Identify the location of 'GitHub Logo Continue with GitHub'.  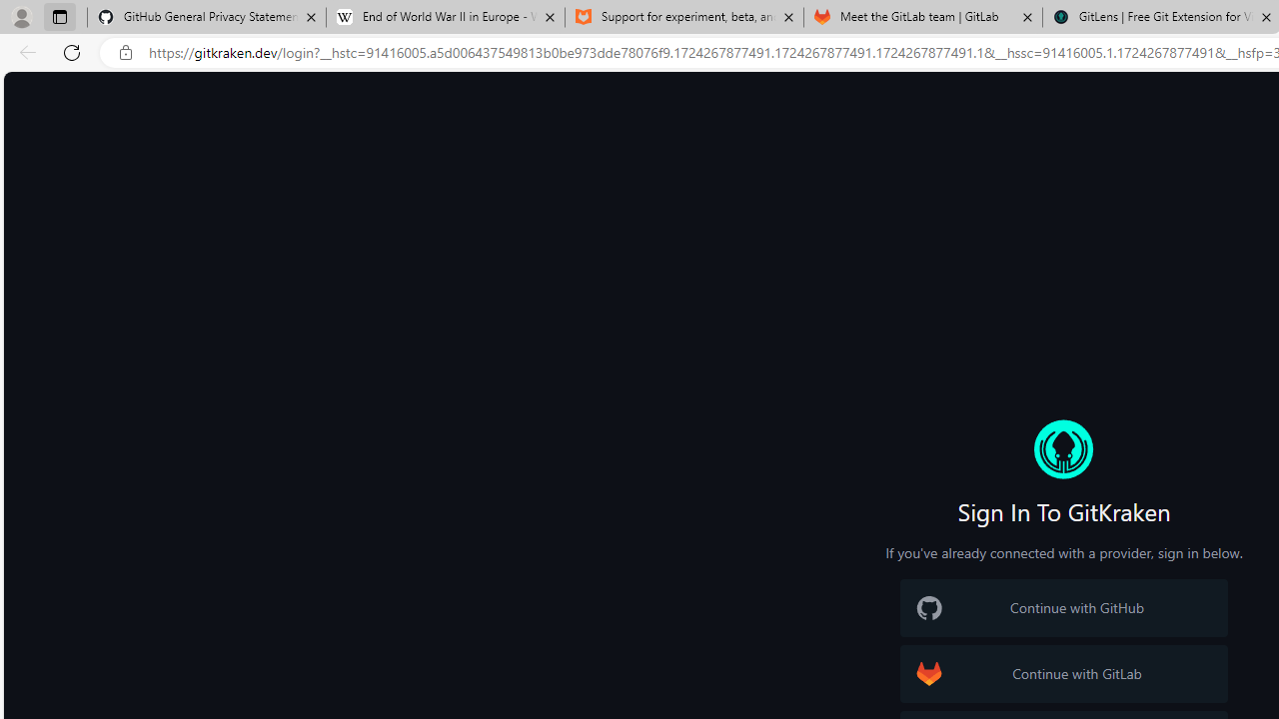
(1062, 607).